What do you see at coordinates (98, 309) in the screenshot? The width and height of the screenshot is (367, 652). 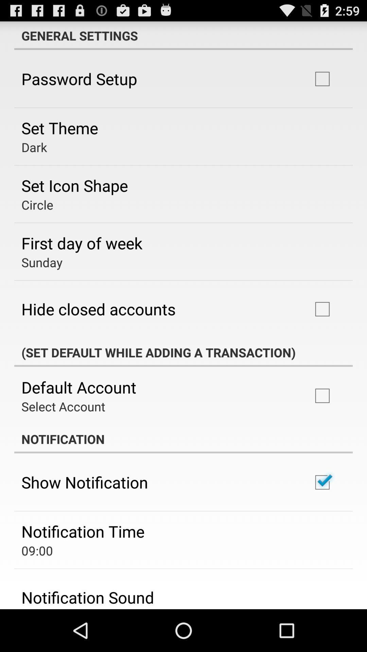 I see `hide closed accounts icon` at bounding box center [98, 309].